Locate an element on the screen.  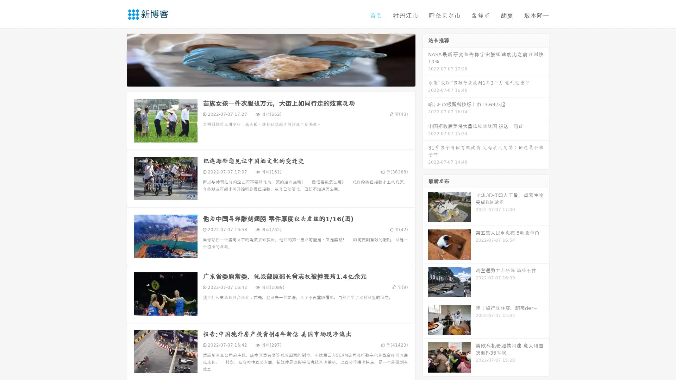
Go to slide 2 is located at coordinates (270, 79).